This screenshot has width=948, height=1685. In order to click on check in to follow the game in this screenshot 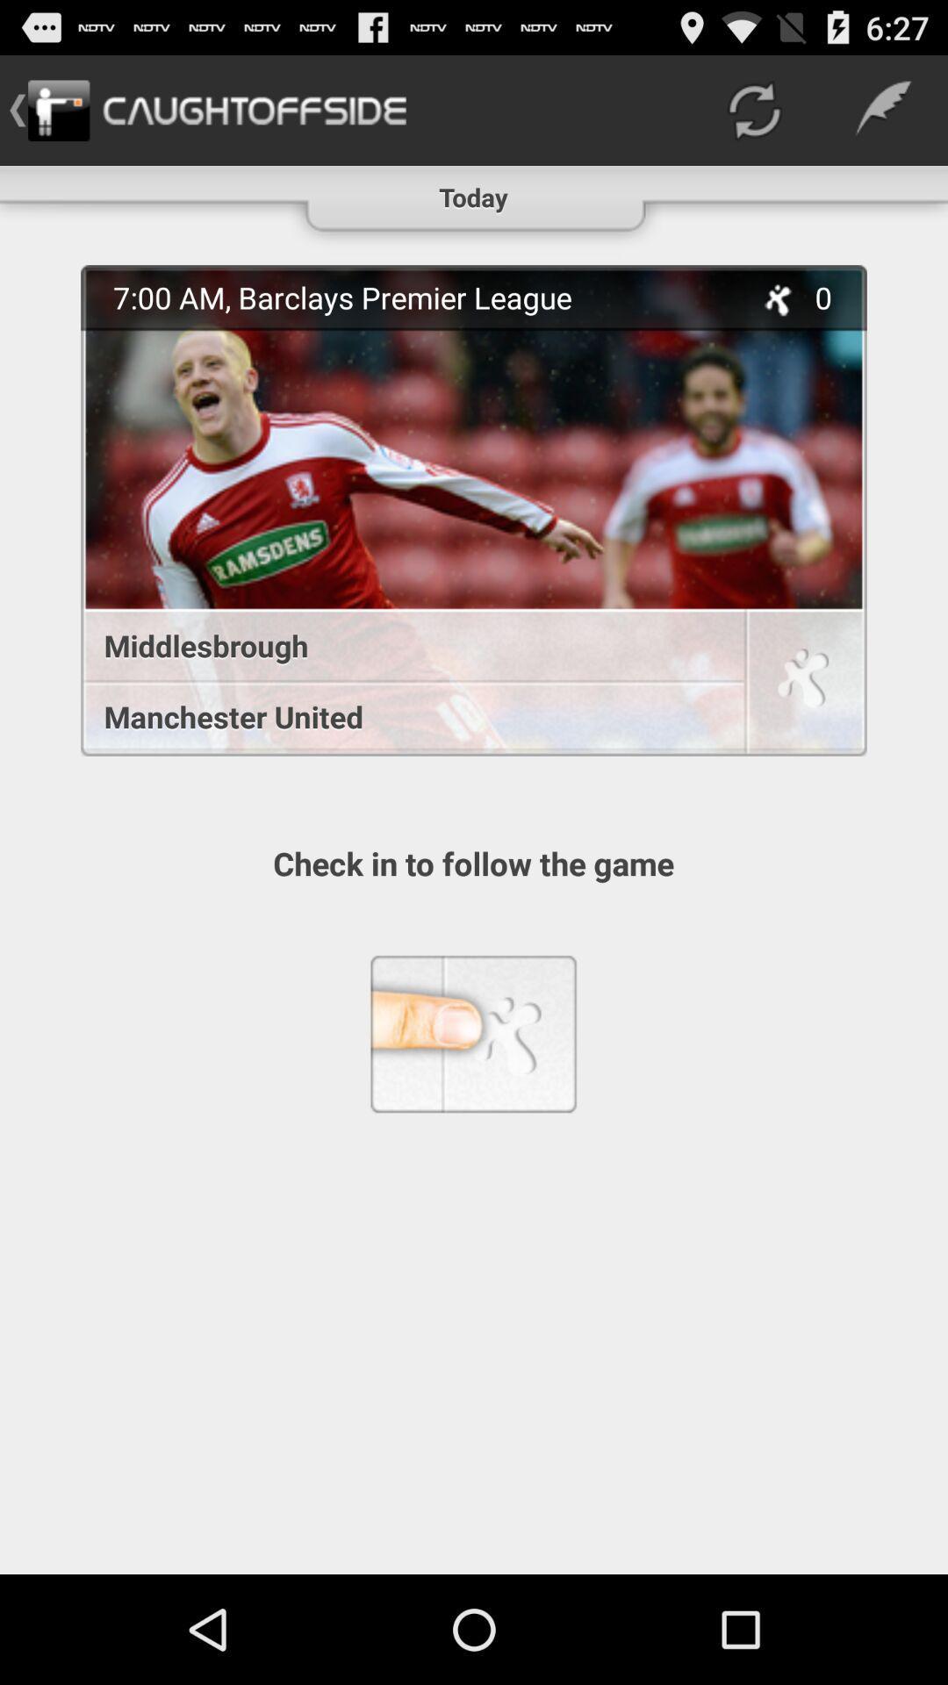, I will do `click(803, 684)`.